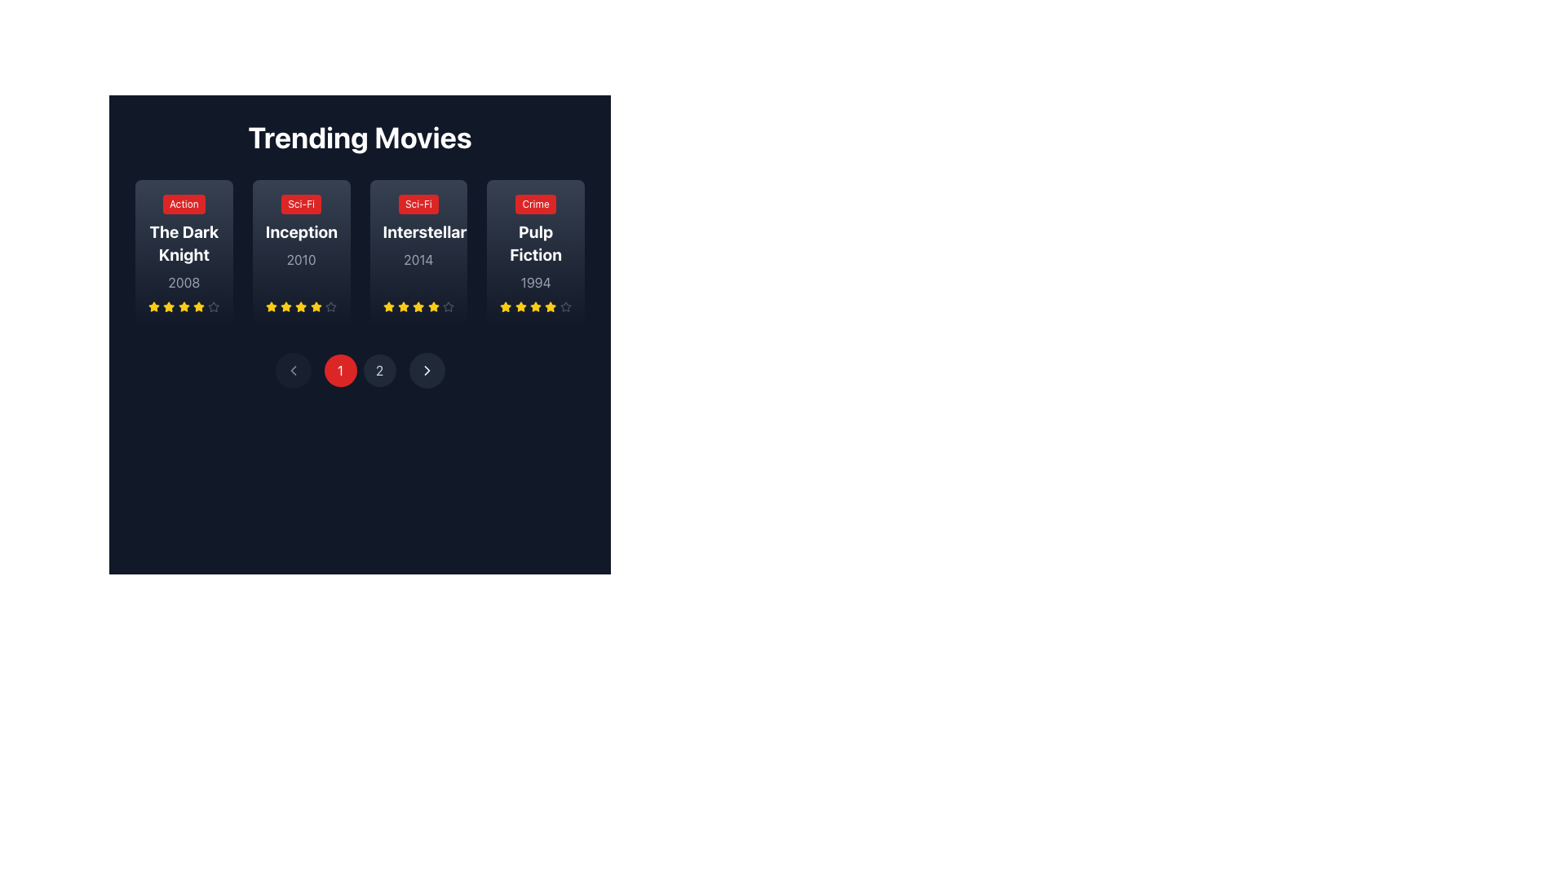  I want to click on the third yellow star-shaped icon in the rating interface below 'The Dark Knight' to rate it, so click(169, 306).